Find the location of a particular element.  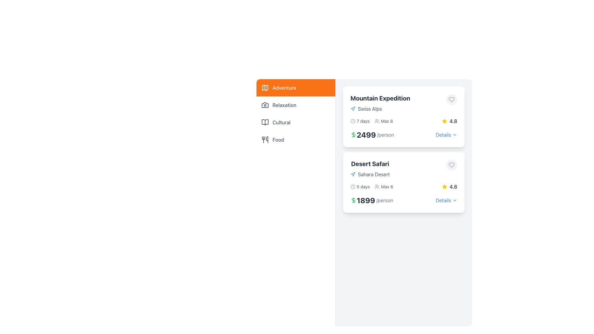

the heart-shaped icon, which is gray and outlined is located at coordinates (451, 99).